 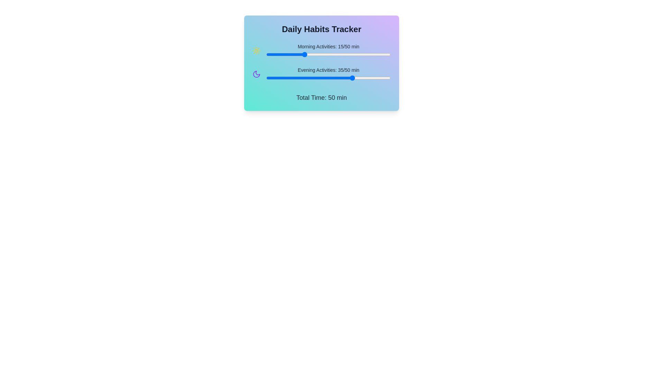 I want to click on evening activity time, so click(x=323, y=78).